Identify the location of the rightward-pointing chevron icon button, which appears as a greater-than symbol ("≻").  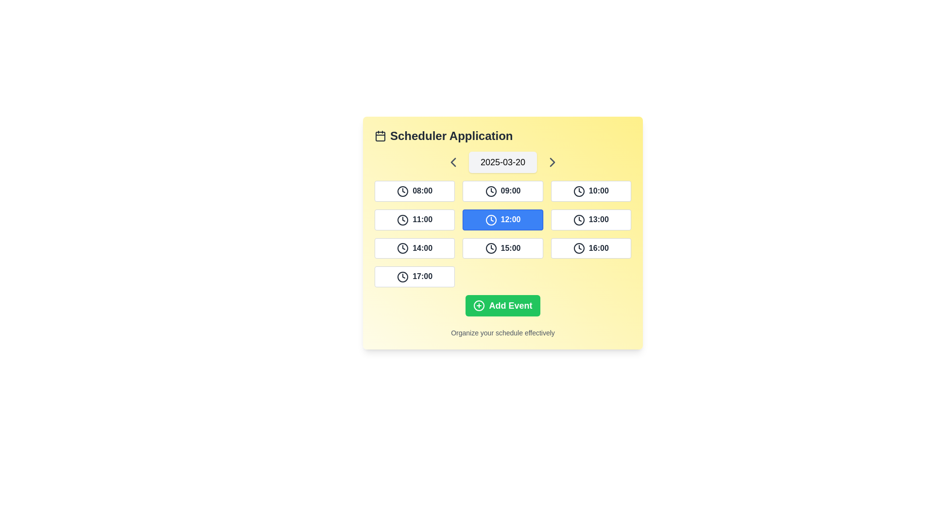
(553, 162).